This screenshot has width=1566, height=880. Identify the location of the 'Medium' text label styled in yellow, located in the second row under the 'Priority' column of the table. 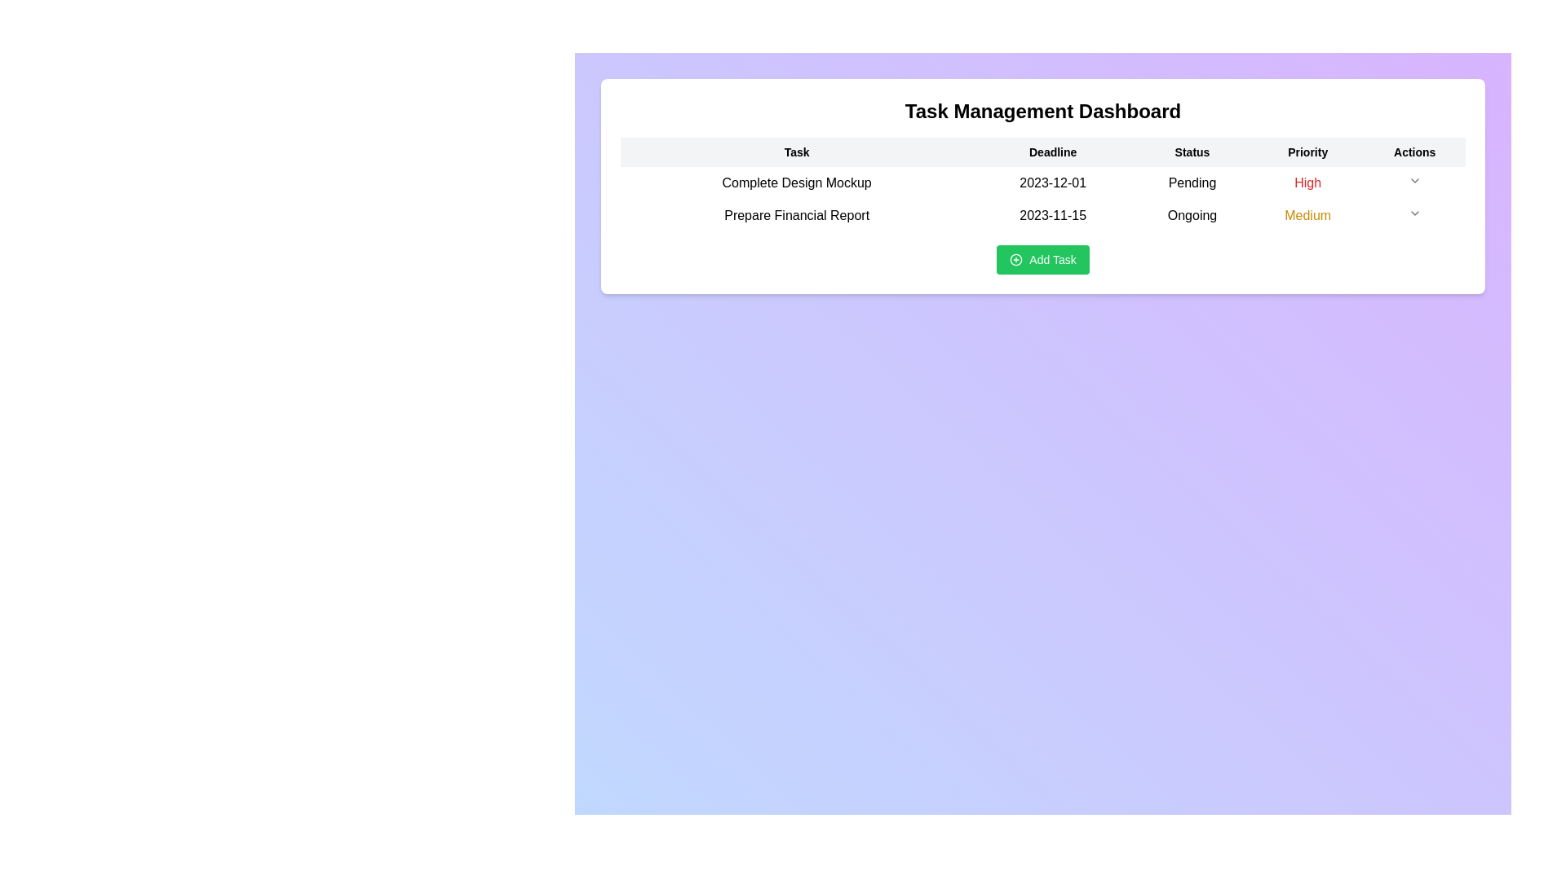
(1307, 214).